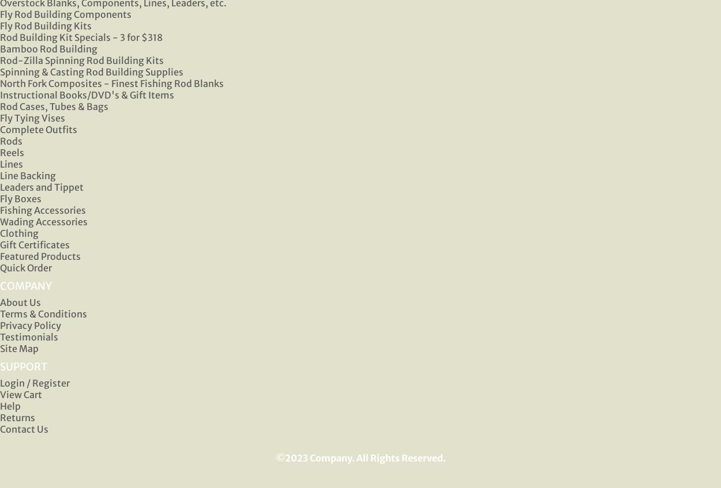 The height and width of the screenshot is (488, 721). What do you see at coordinates (19, 349) in the screenshot?
I see `'Site Map'` at bounding box center [19, 349].